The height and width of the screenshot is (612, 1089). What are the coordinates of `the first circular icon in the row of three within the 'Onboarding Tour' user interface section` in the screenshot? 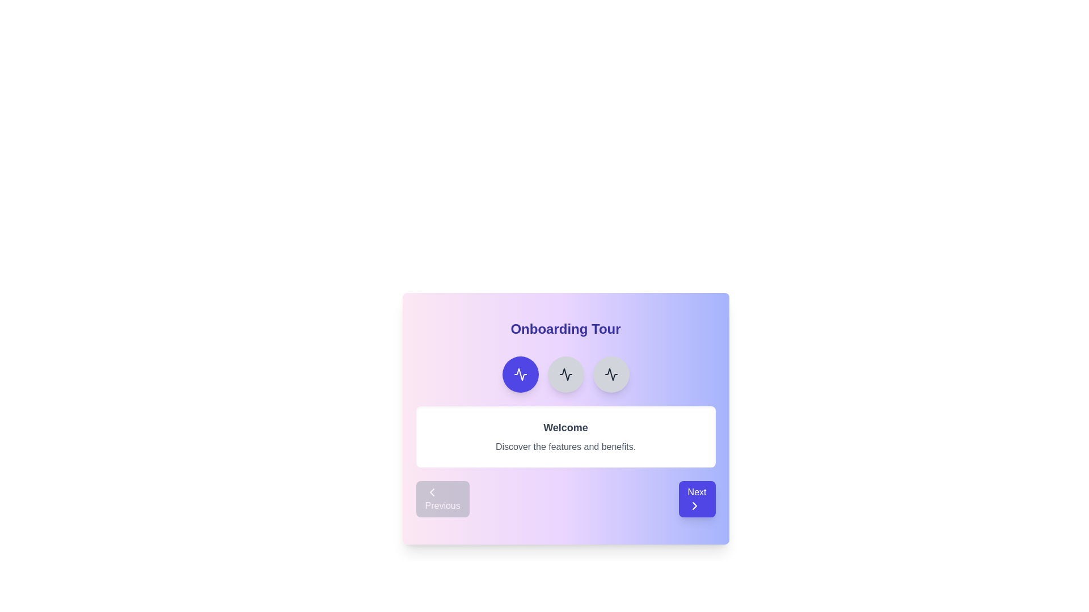 It's located at (520, 374).